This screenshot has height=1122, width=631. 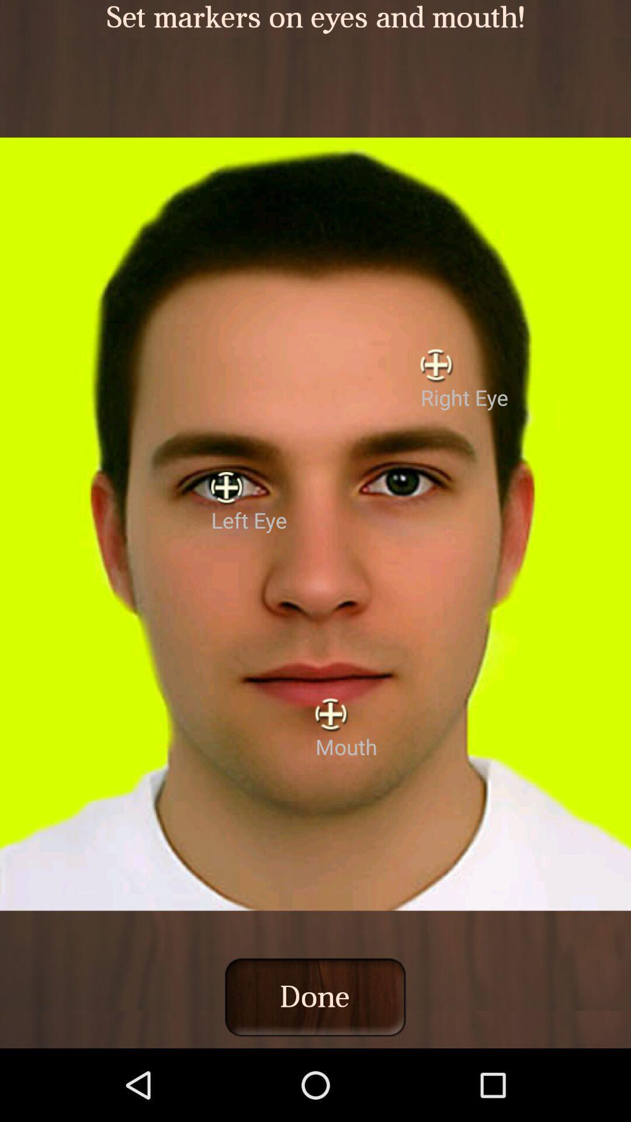 What do you see at coordinates (314, 996) in the screenshot?
I see `the icon below the mouth` at bounding box center [314, 996].